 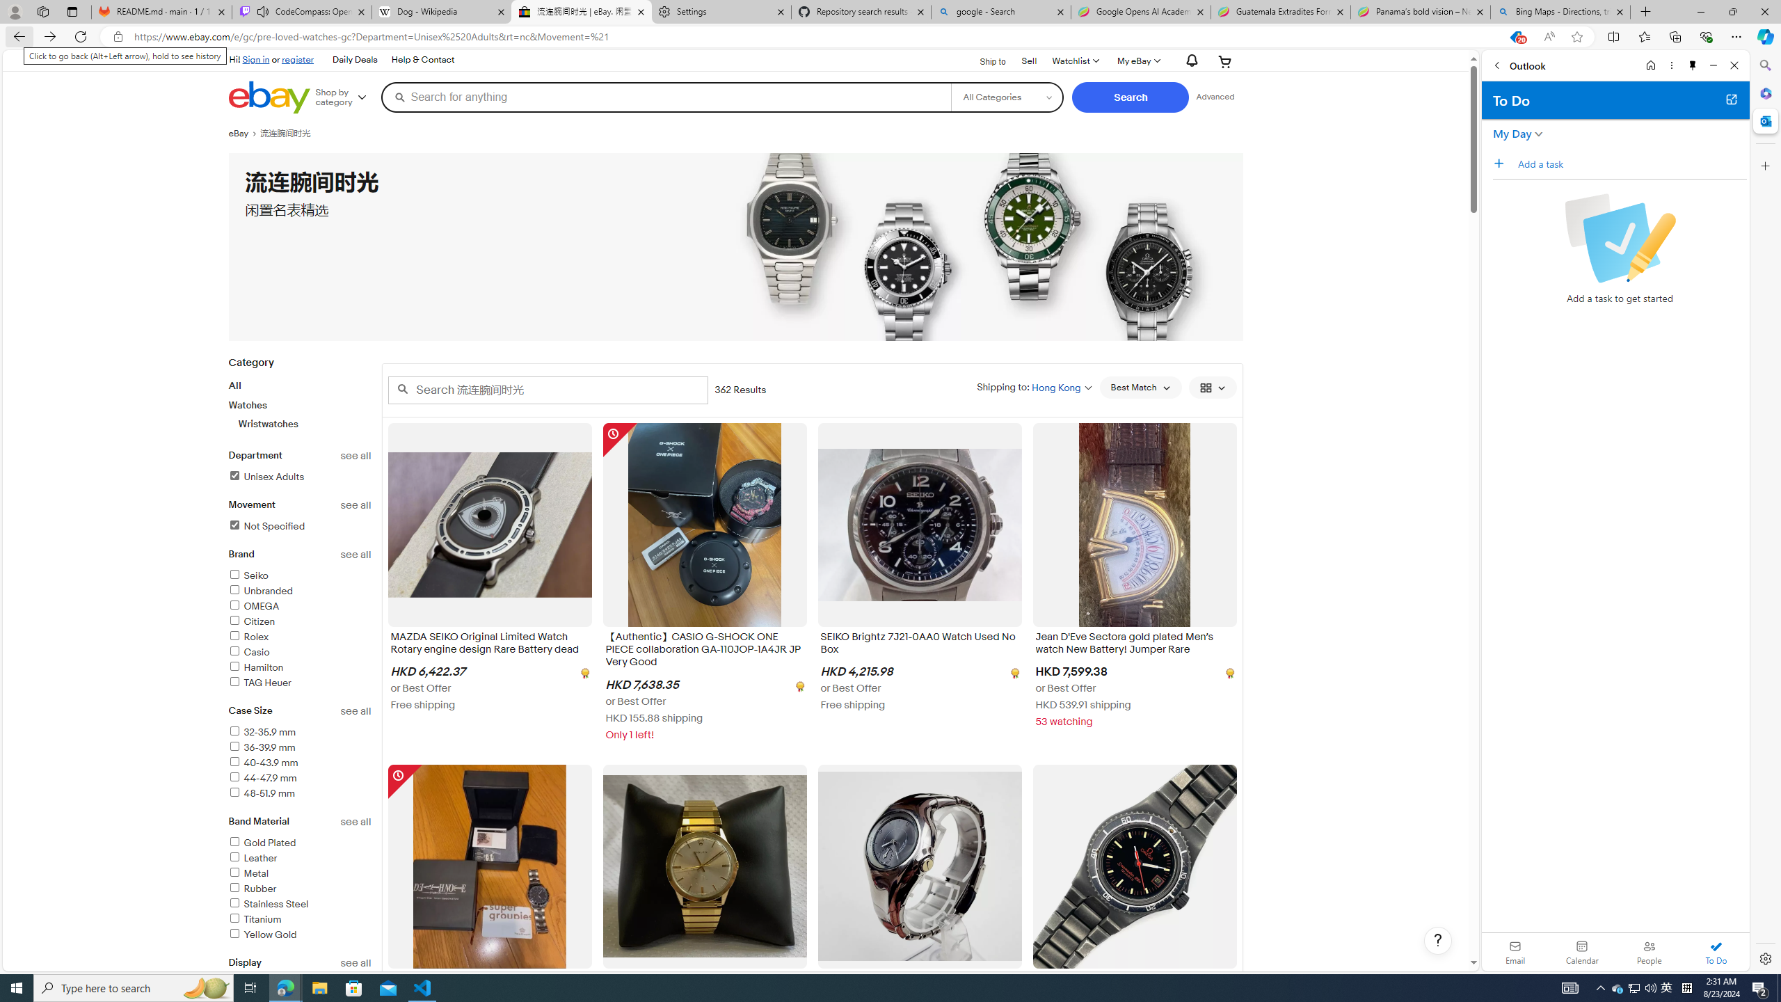 What do you see at coordinates (1137, 61) in the screenshot?
I see `'My eBayExpand My eBay'` at bounding box center [1137, 61].